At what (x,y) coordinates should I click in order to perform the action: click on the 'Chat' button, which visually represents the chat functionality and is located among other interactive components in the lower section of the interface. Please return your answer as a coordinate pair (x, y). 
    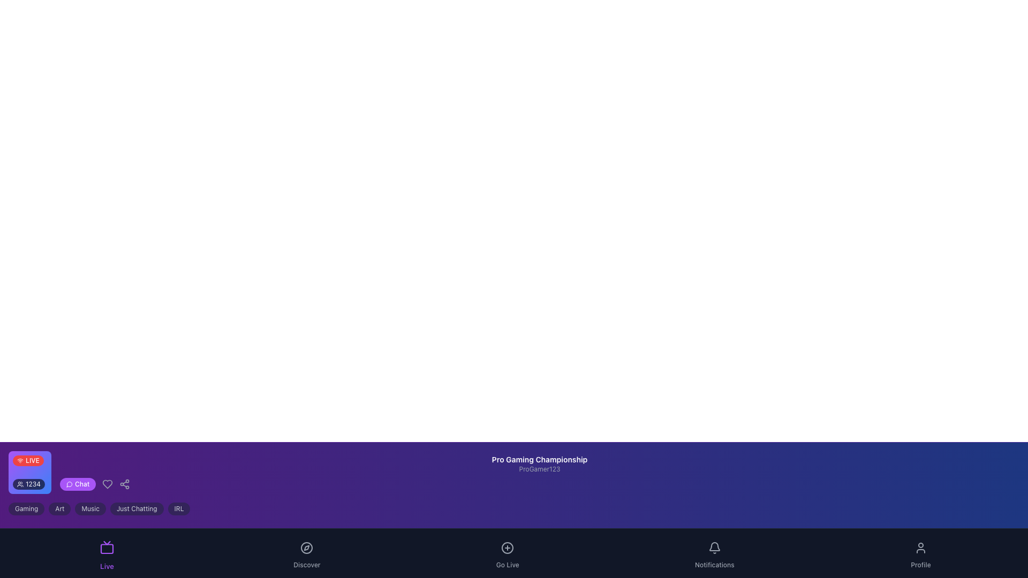
    Looking at the image, I should click on (69, 484).